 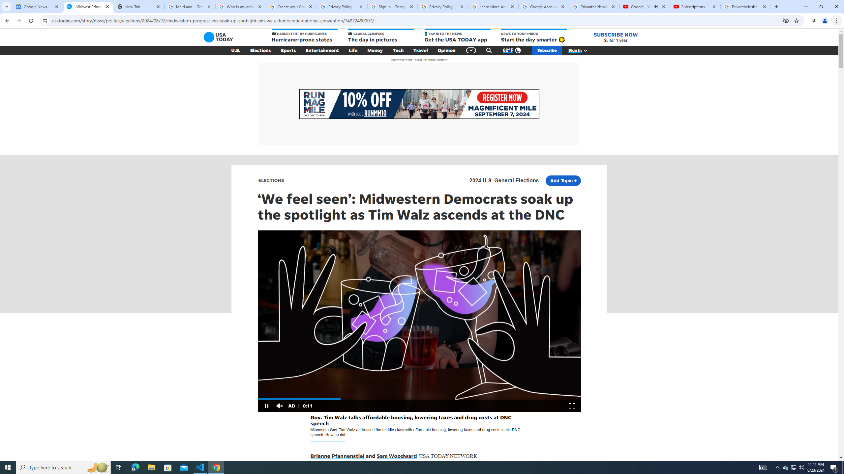 I want to click on 'Google - YouTube - Audio playing', so click(x=644, y=6).